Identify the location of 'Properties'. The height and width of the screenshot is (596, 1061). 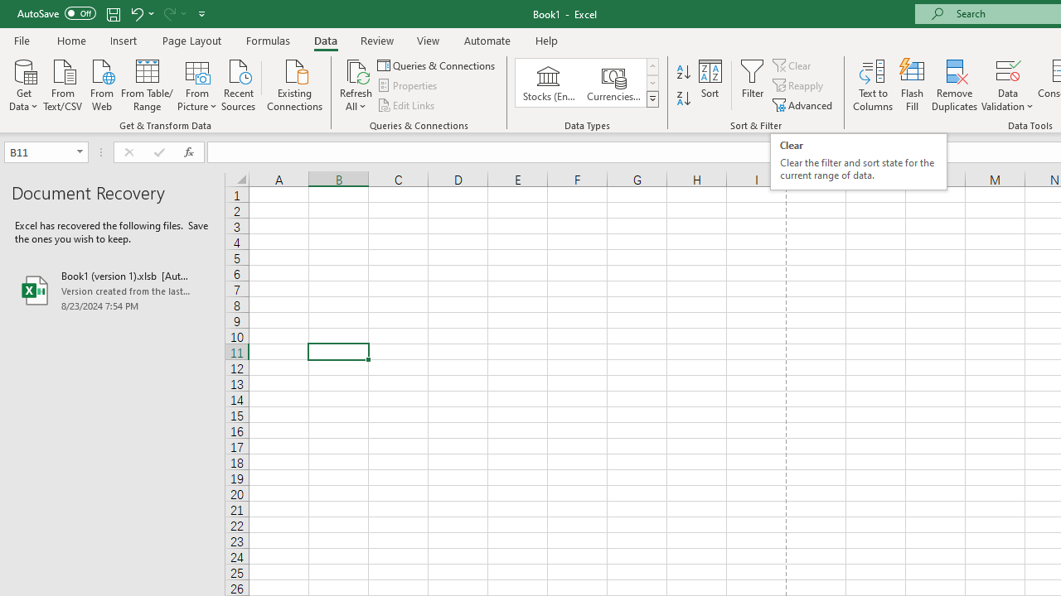
(408, 85).